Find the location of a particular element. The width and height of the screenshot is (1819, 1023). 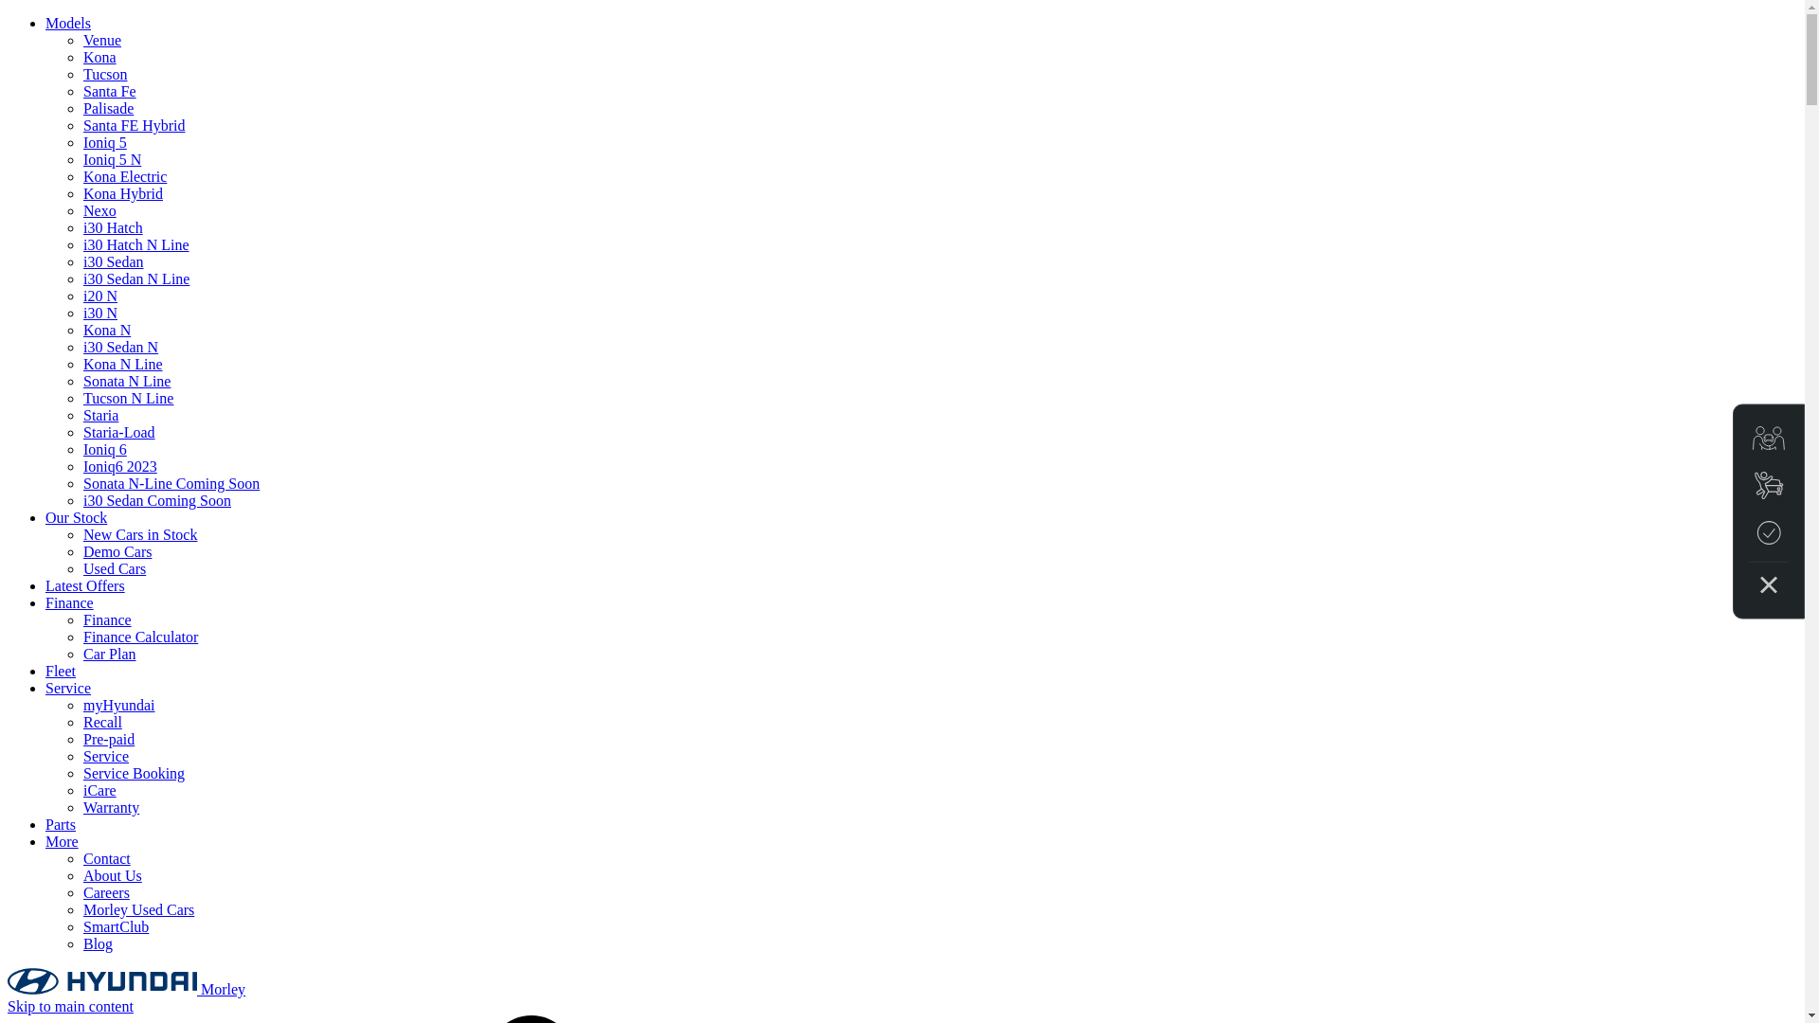

'Kona Hybrid' is located at coordinates (81, 193).